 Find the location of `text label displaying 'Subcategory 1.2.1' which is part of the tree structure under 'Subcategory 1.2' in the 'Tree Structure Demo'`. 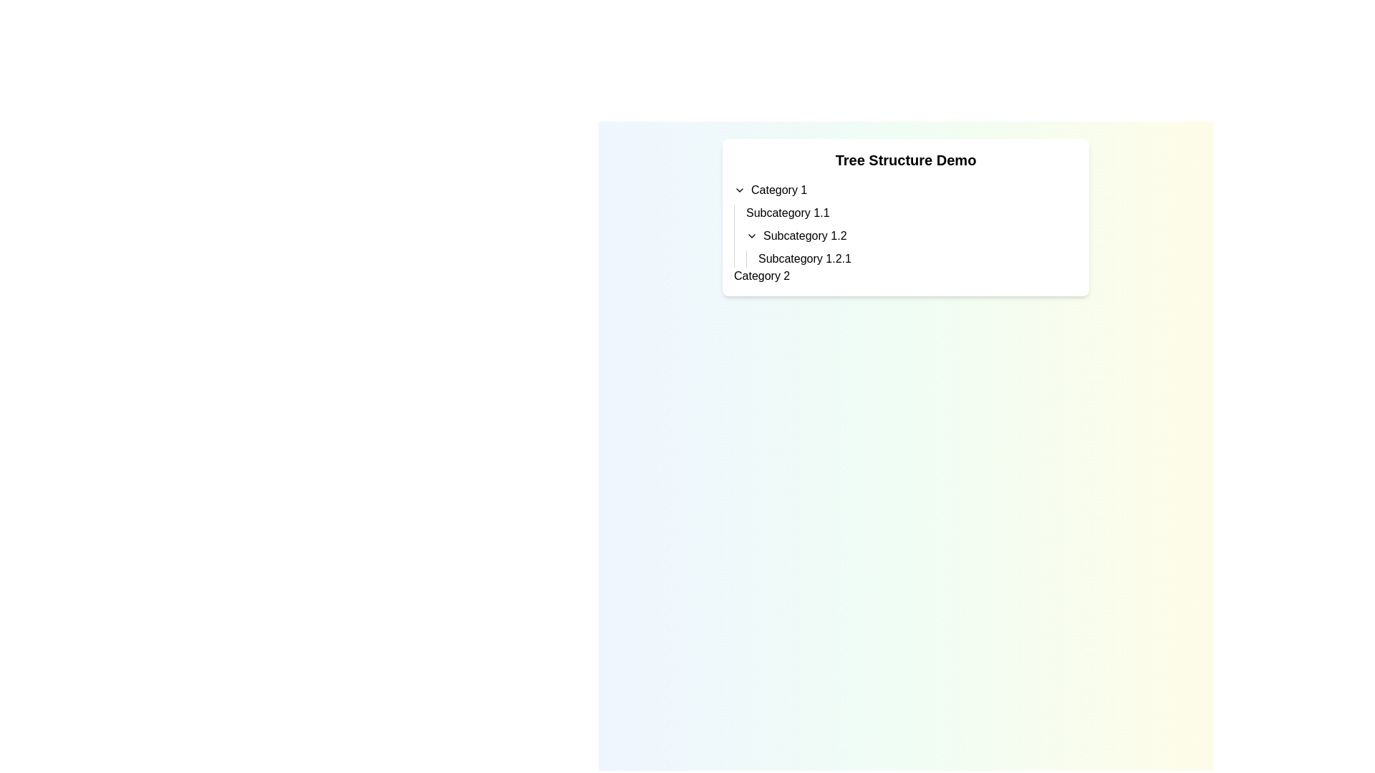

text label displaying 'Subcategory 1.2.1' which is part of the tree structure under 'Subcategory 1.2' in the 'Tree Structure Demo' is located at coordinates (804, 259).